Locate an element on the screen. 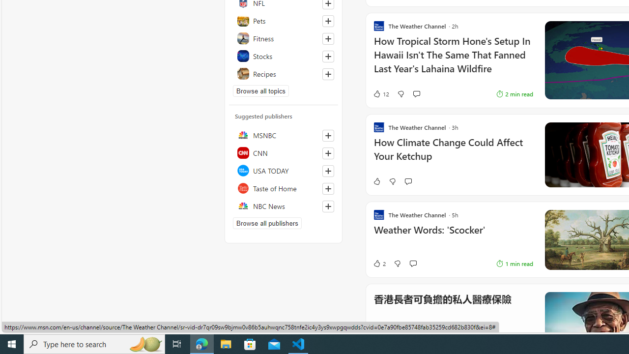 This screenshot has width=629, height=354. 'Taste of Home' is located at coordinates (283, 188).